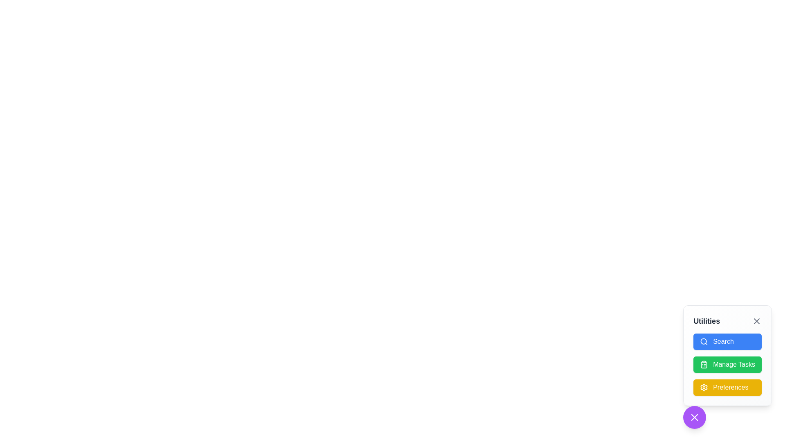 The height and width of the screenshot is (442, 785). What do you see at coordinates (703, 341) in the screenshot?
I see `the circular graphical component with no visible fill located within the larger search icon at the top of the 'Search' button in the 'Utilities' section` at bounding box center [703, 341].